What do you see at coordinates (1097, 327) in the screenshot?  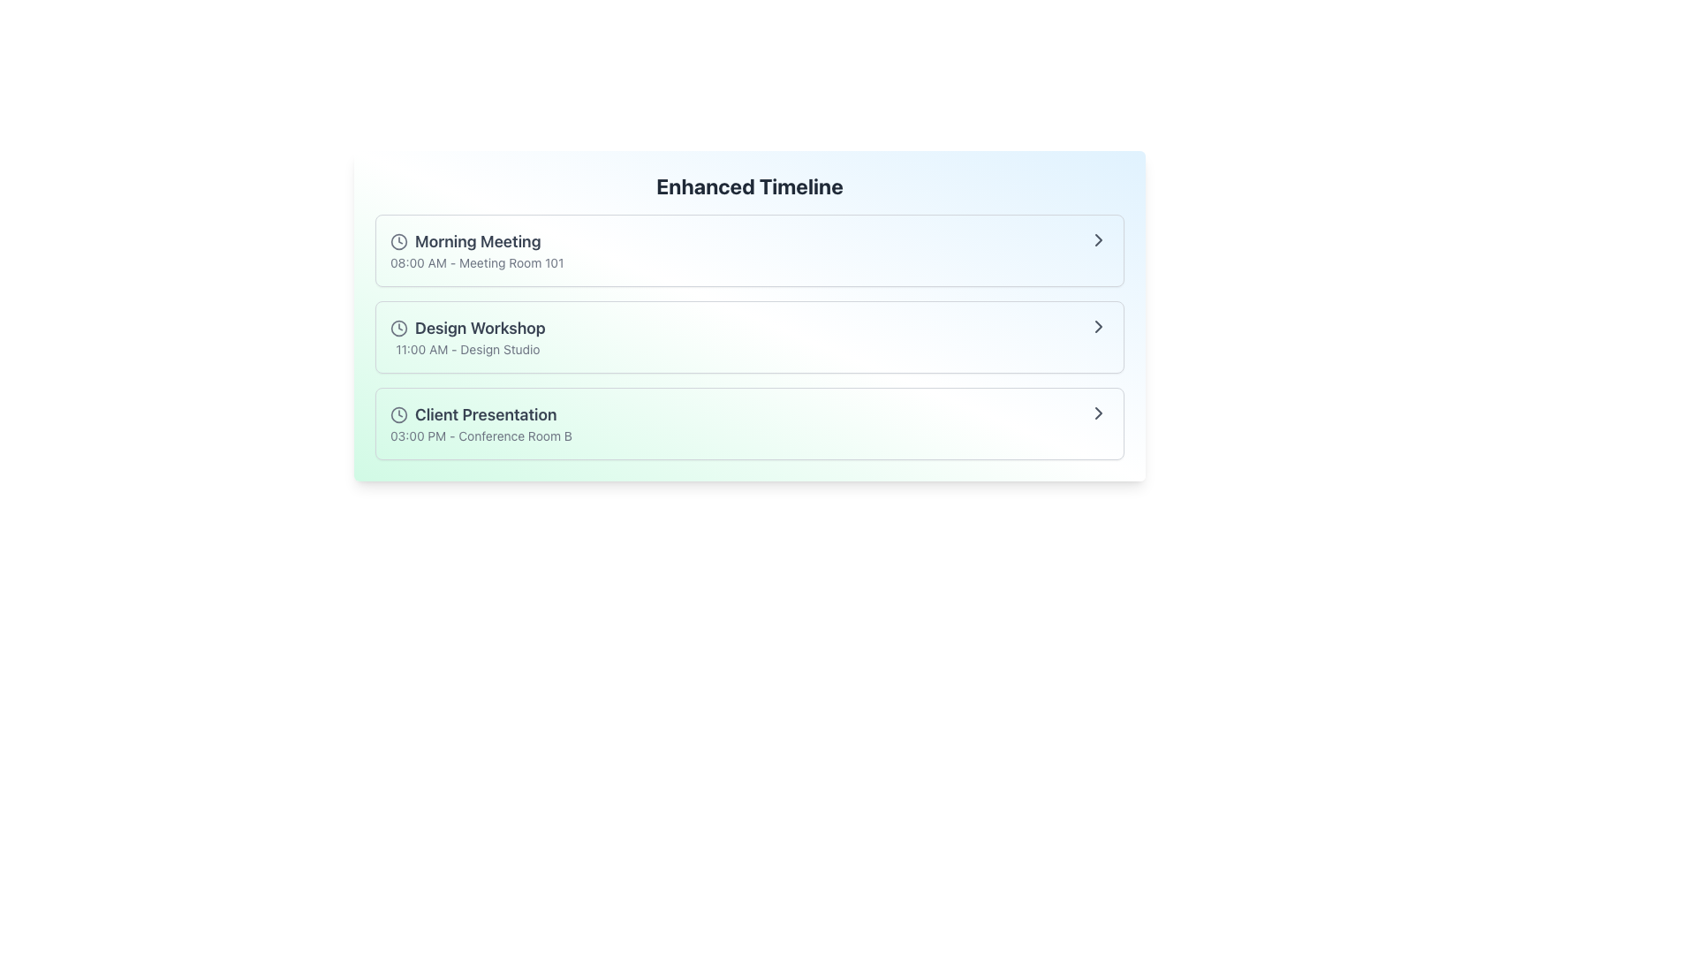 I see `the navigation icon located at the far right of the list item 'Design Workshop - 11:00 AM - Design Studio'` at bounding box center [1097, 327].